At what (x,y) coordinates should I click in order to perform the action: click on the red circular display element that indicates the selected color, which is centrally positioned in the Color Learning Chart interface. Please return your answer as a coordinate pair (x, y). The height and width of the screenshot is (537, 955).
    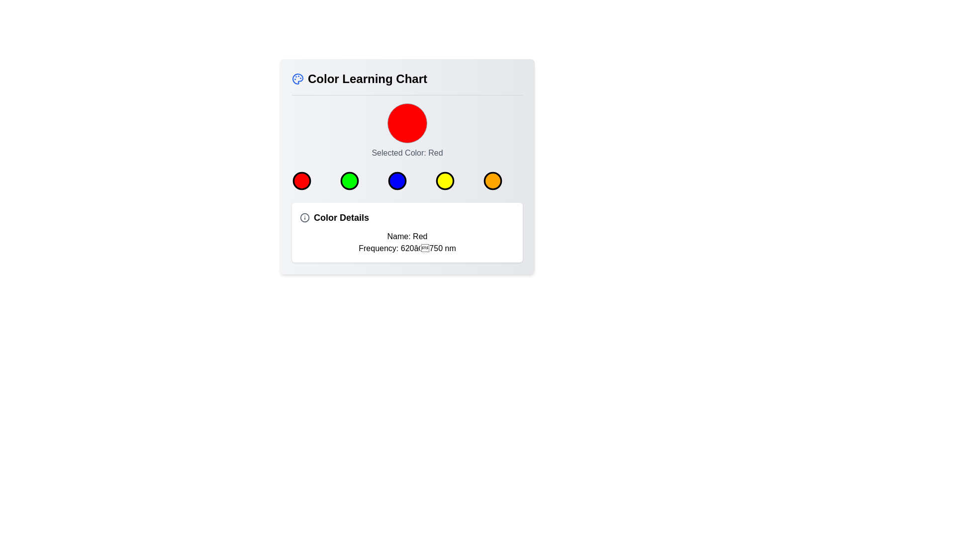
    Looking at the image, I should click on (407, 122).